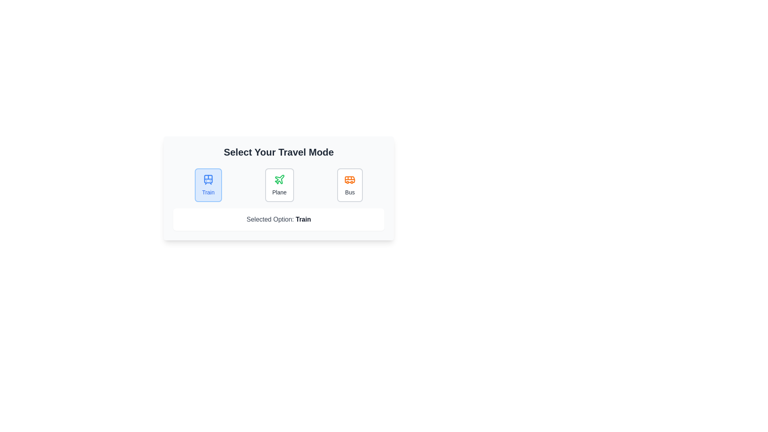 The image size is (768, 432). Describe the element at coordinates (208, 179) in the screenshot. I see `the blue train icon located in the selection panel` at that location.